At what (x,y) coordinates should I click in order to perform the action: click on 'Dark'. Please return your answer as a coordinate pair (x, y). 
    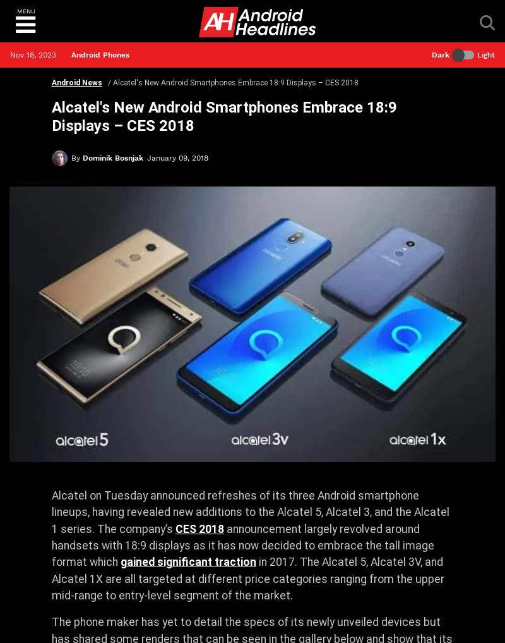
    Looking at the image, I should click on (441, 54).